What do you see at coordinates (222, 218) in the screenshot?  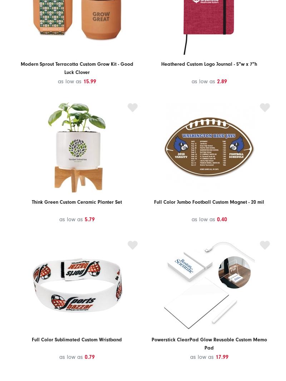 I see `'0.40'` at bounding box center [222, 218].